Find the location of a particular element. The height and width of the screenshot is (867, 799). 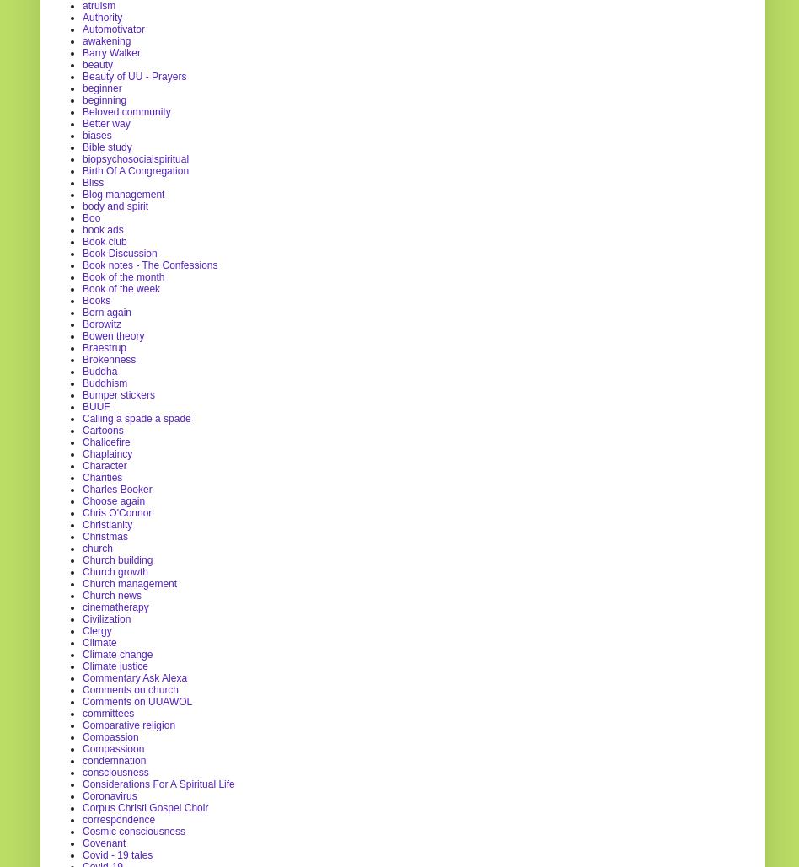

'awakening' is located at coordinates (105, 40).